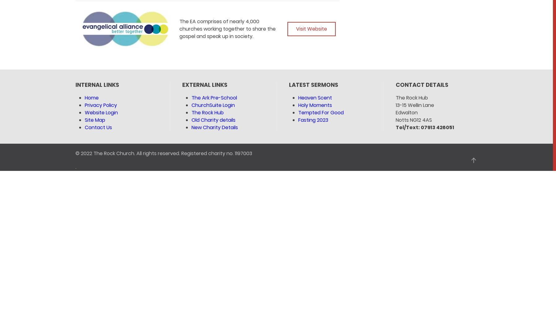 This screenshot has height=309, width=556. I want to click on '.', so click(75, 167).